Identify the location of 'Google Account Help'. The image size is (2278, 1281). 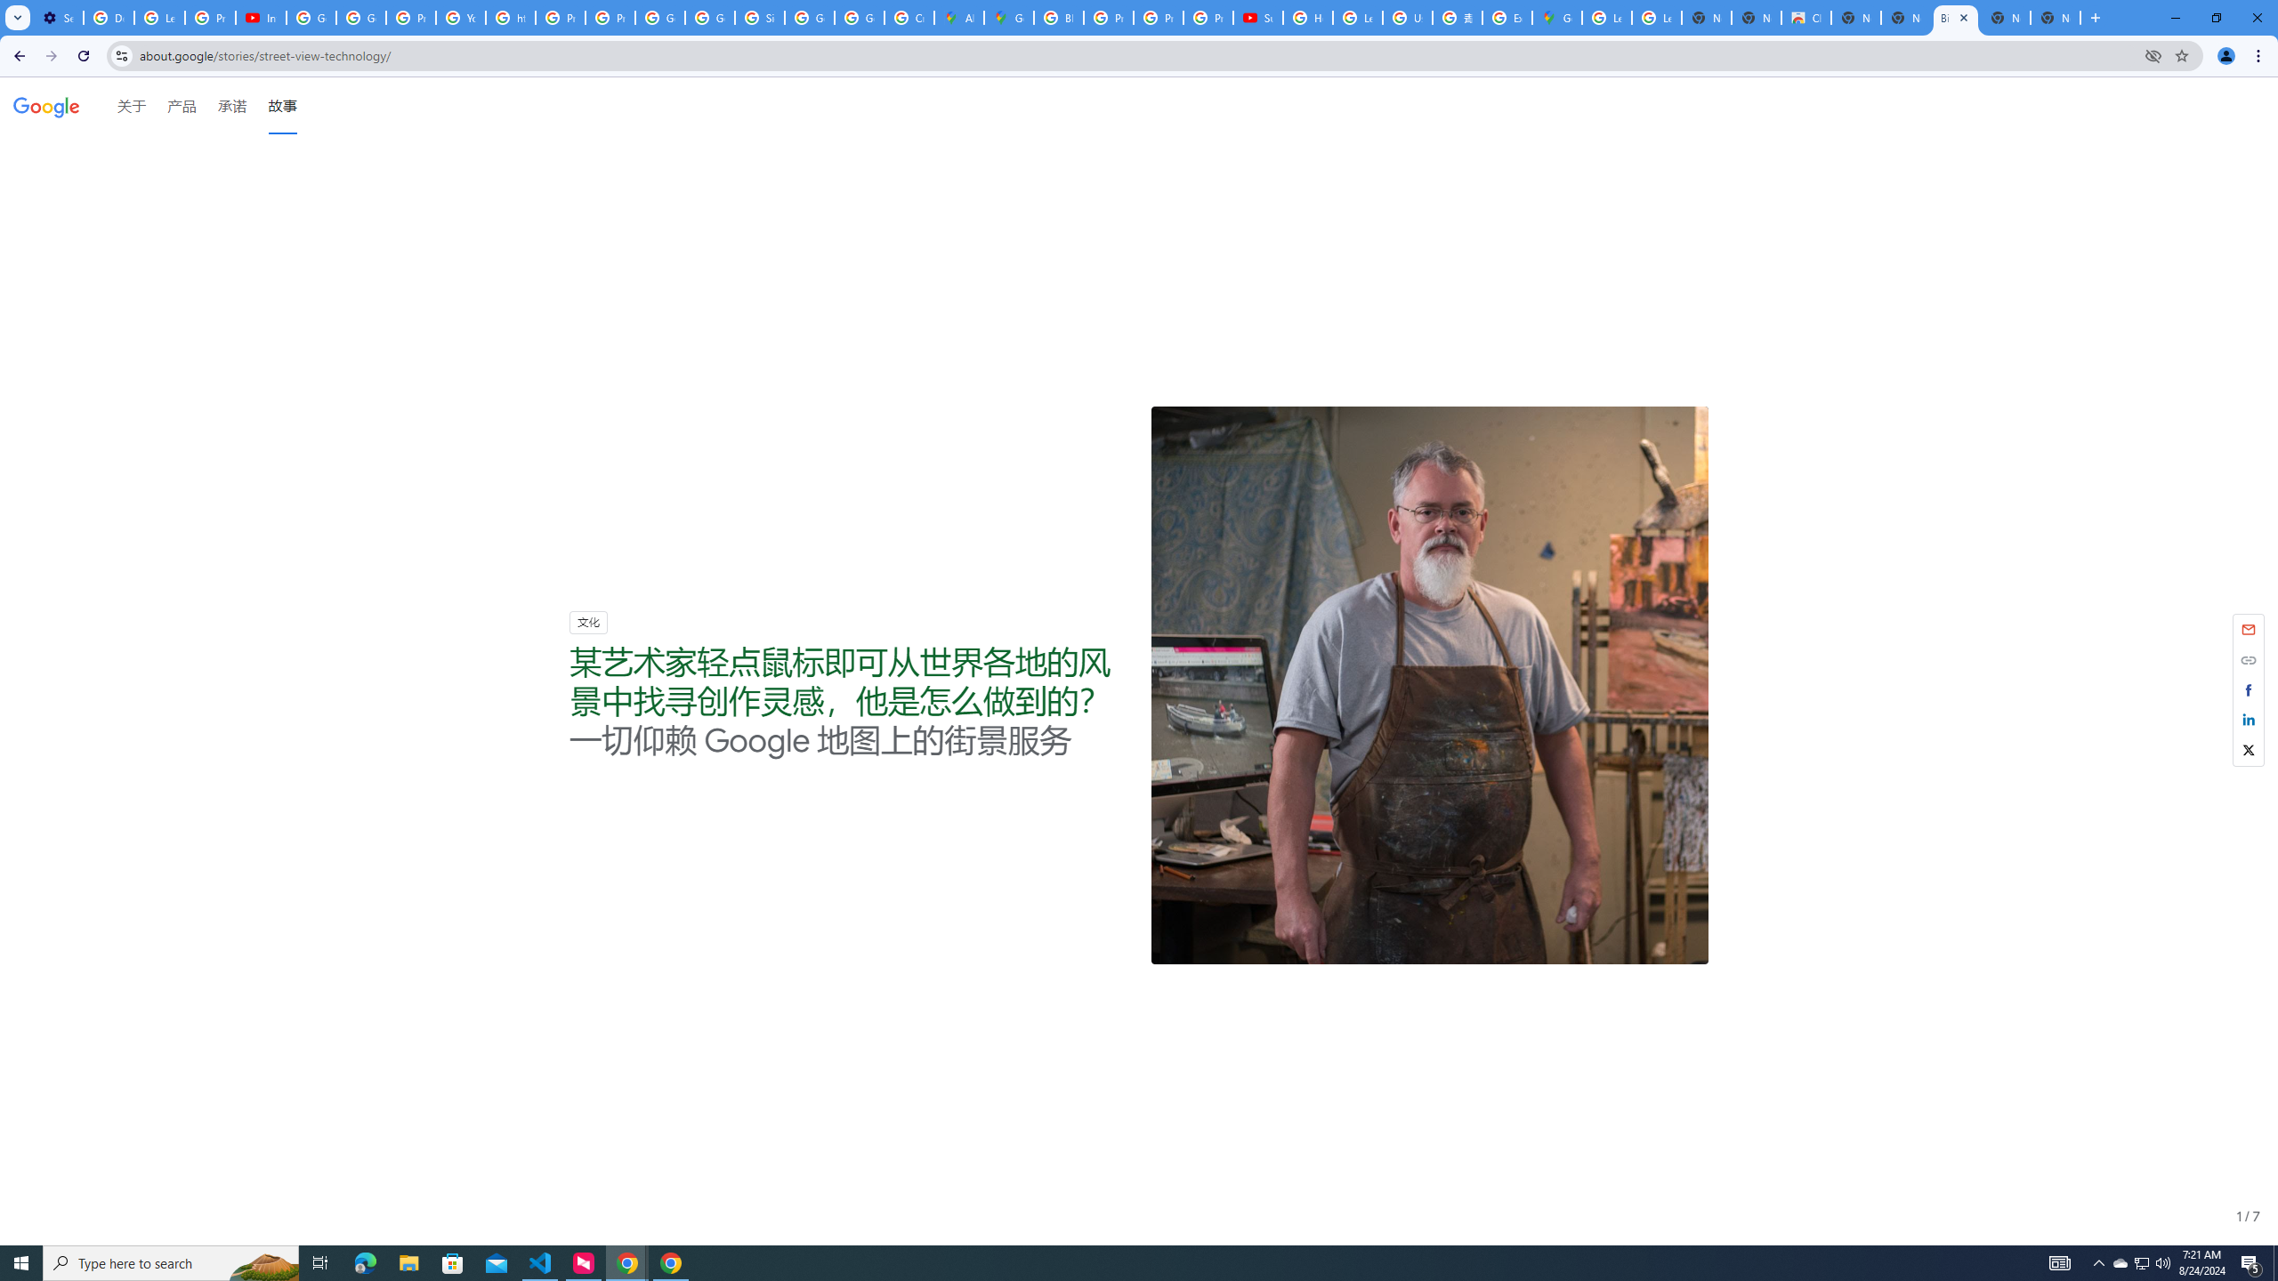
(310, 17).